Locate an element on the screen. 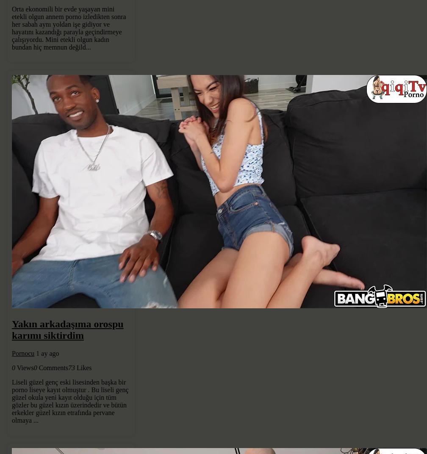 Image resolution: width=427 pixels, height=454 pixels. 'Views' is located at coordinates (25, 367).